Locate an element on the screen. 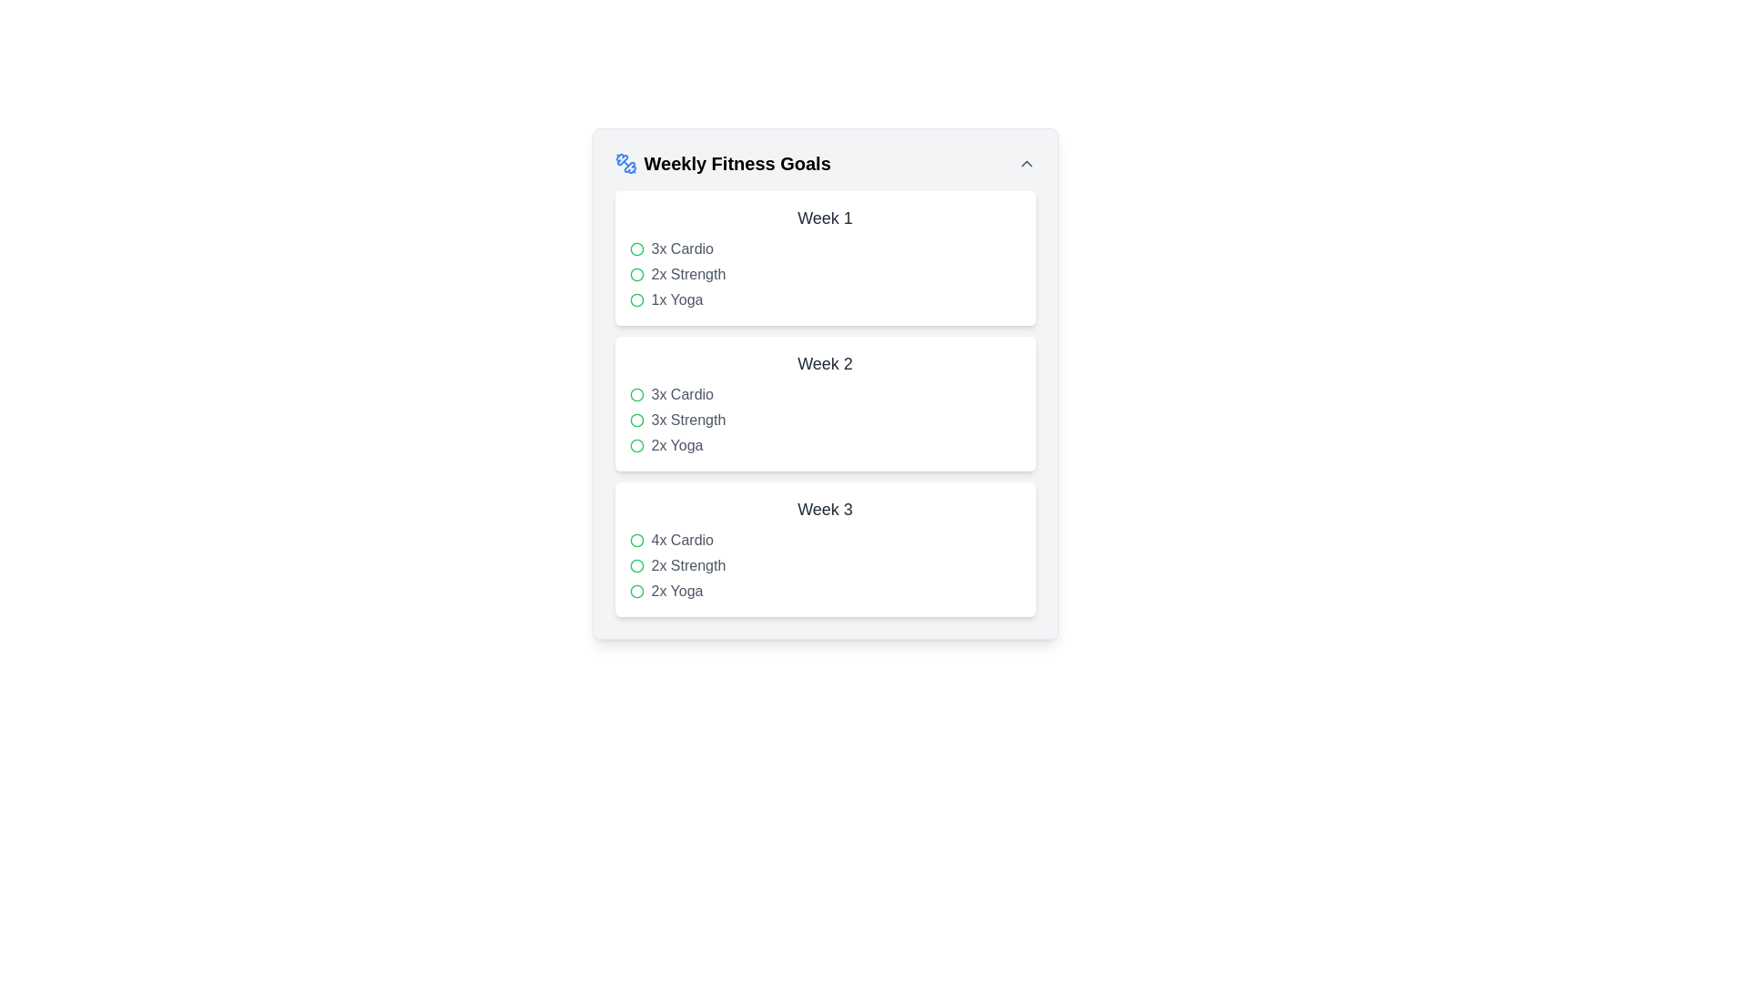 The image size is (1748, 983). the green status icon located to the left of the '1x Yoga' text in the 'Week 1' section of the user interface is located at coordinates (636, 299).